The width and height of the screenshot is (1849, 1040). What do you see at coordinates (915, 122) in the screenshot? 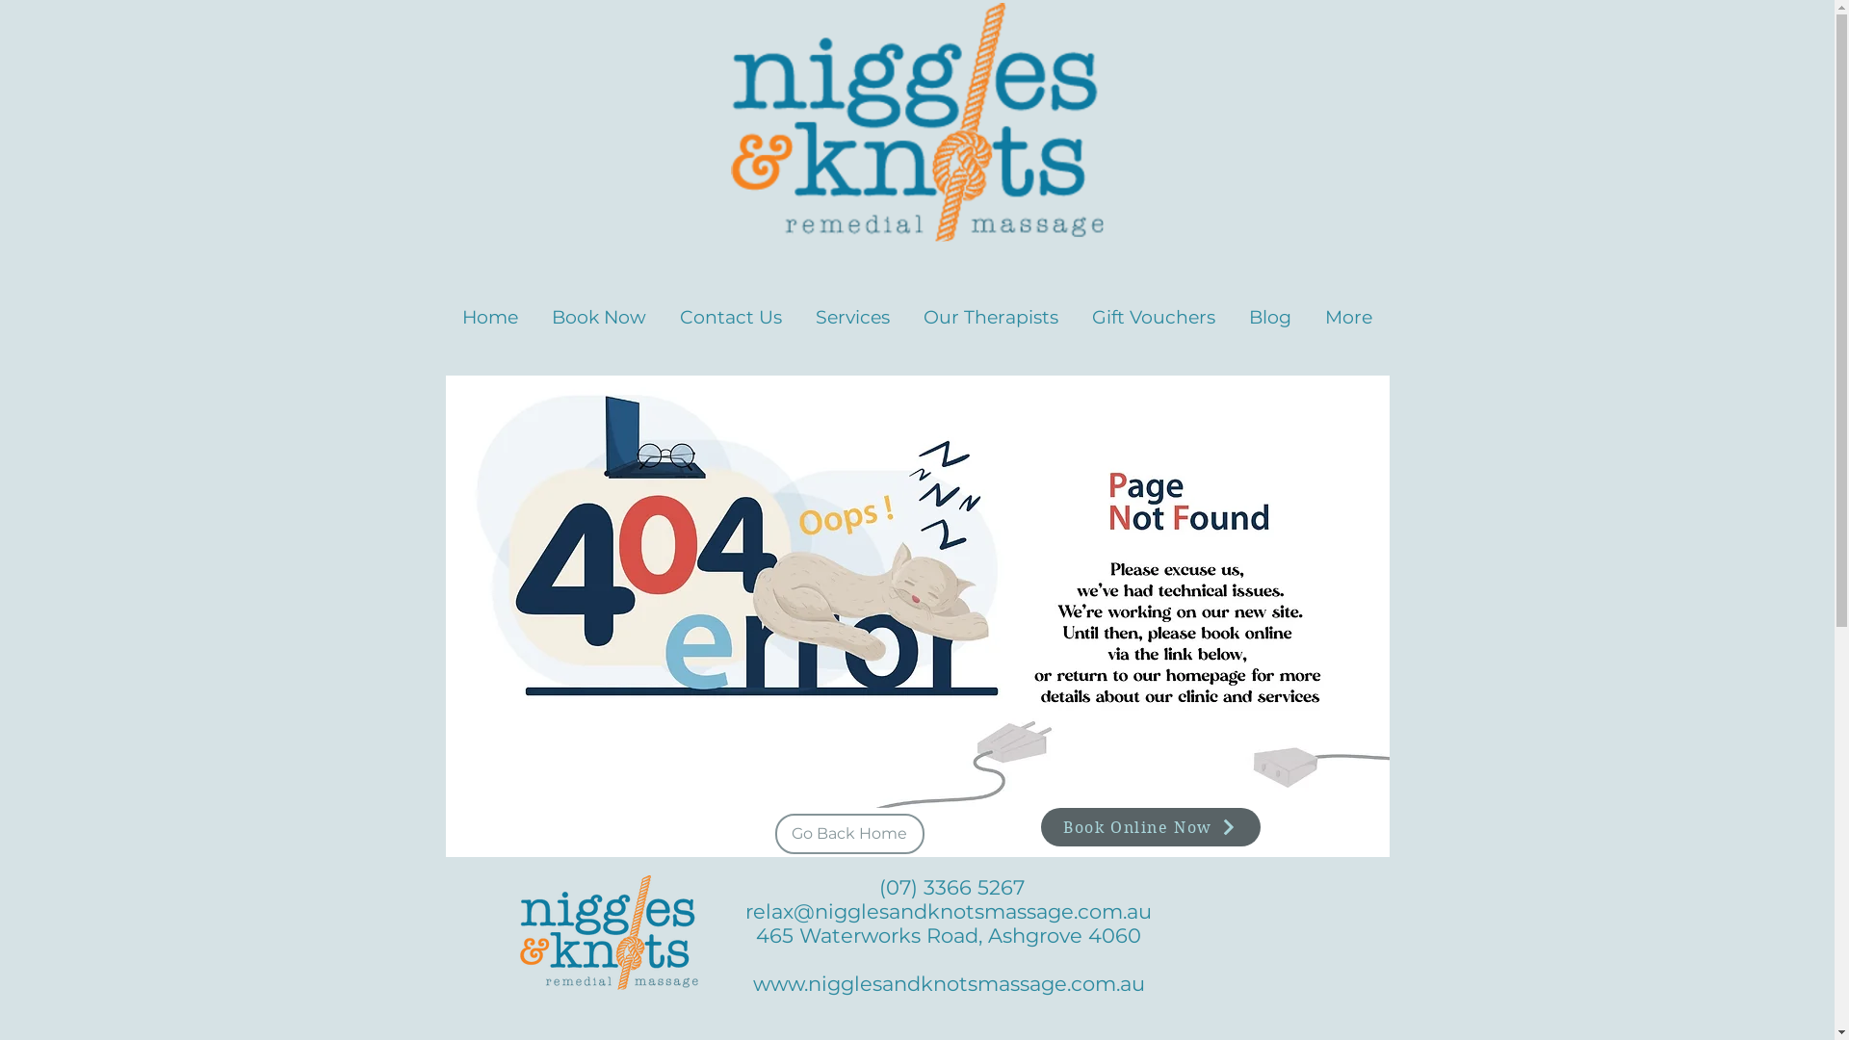
I see `'Transparent - Logo.png'` at bounding box center [915, 122].